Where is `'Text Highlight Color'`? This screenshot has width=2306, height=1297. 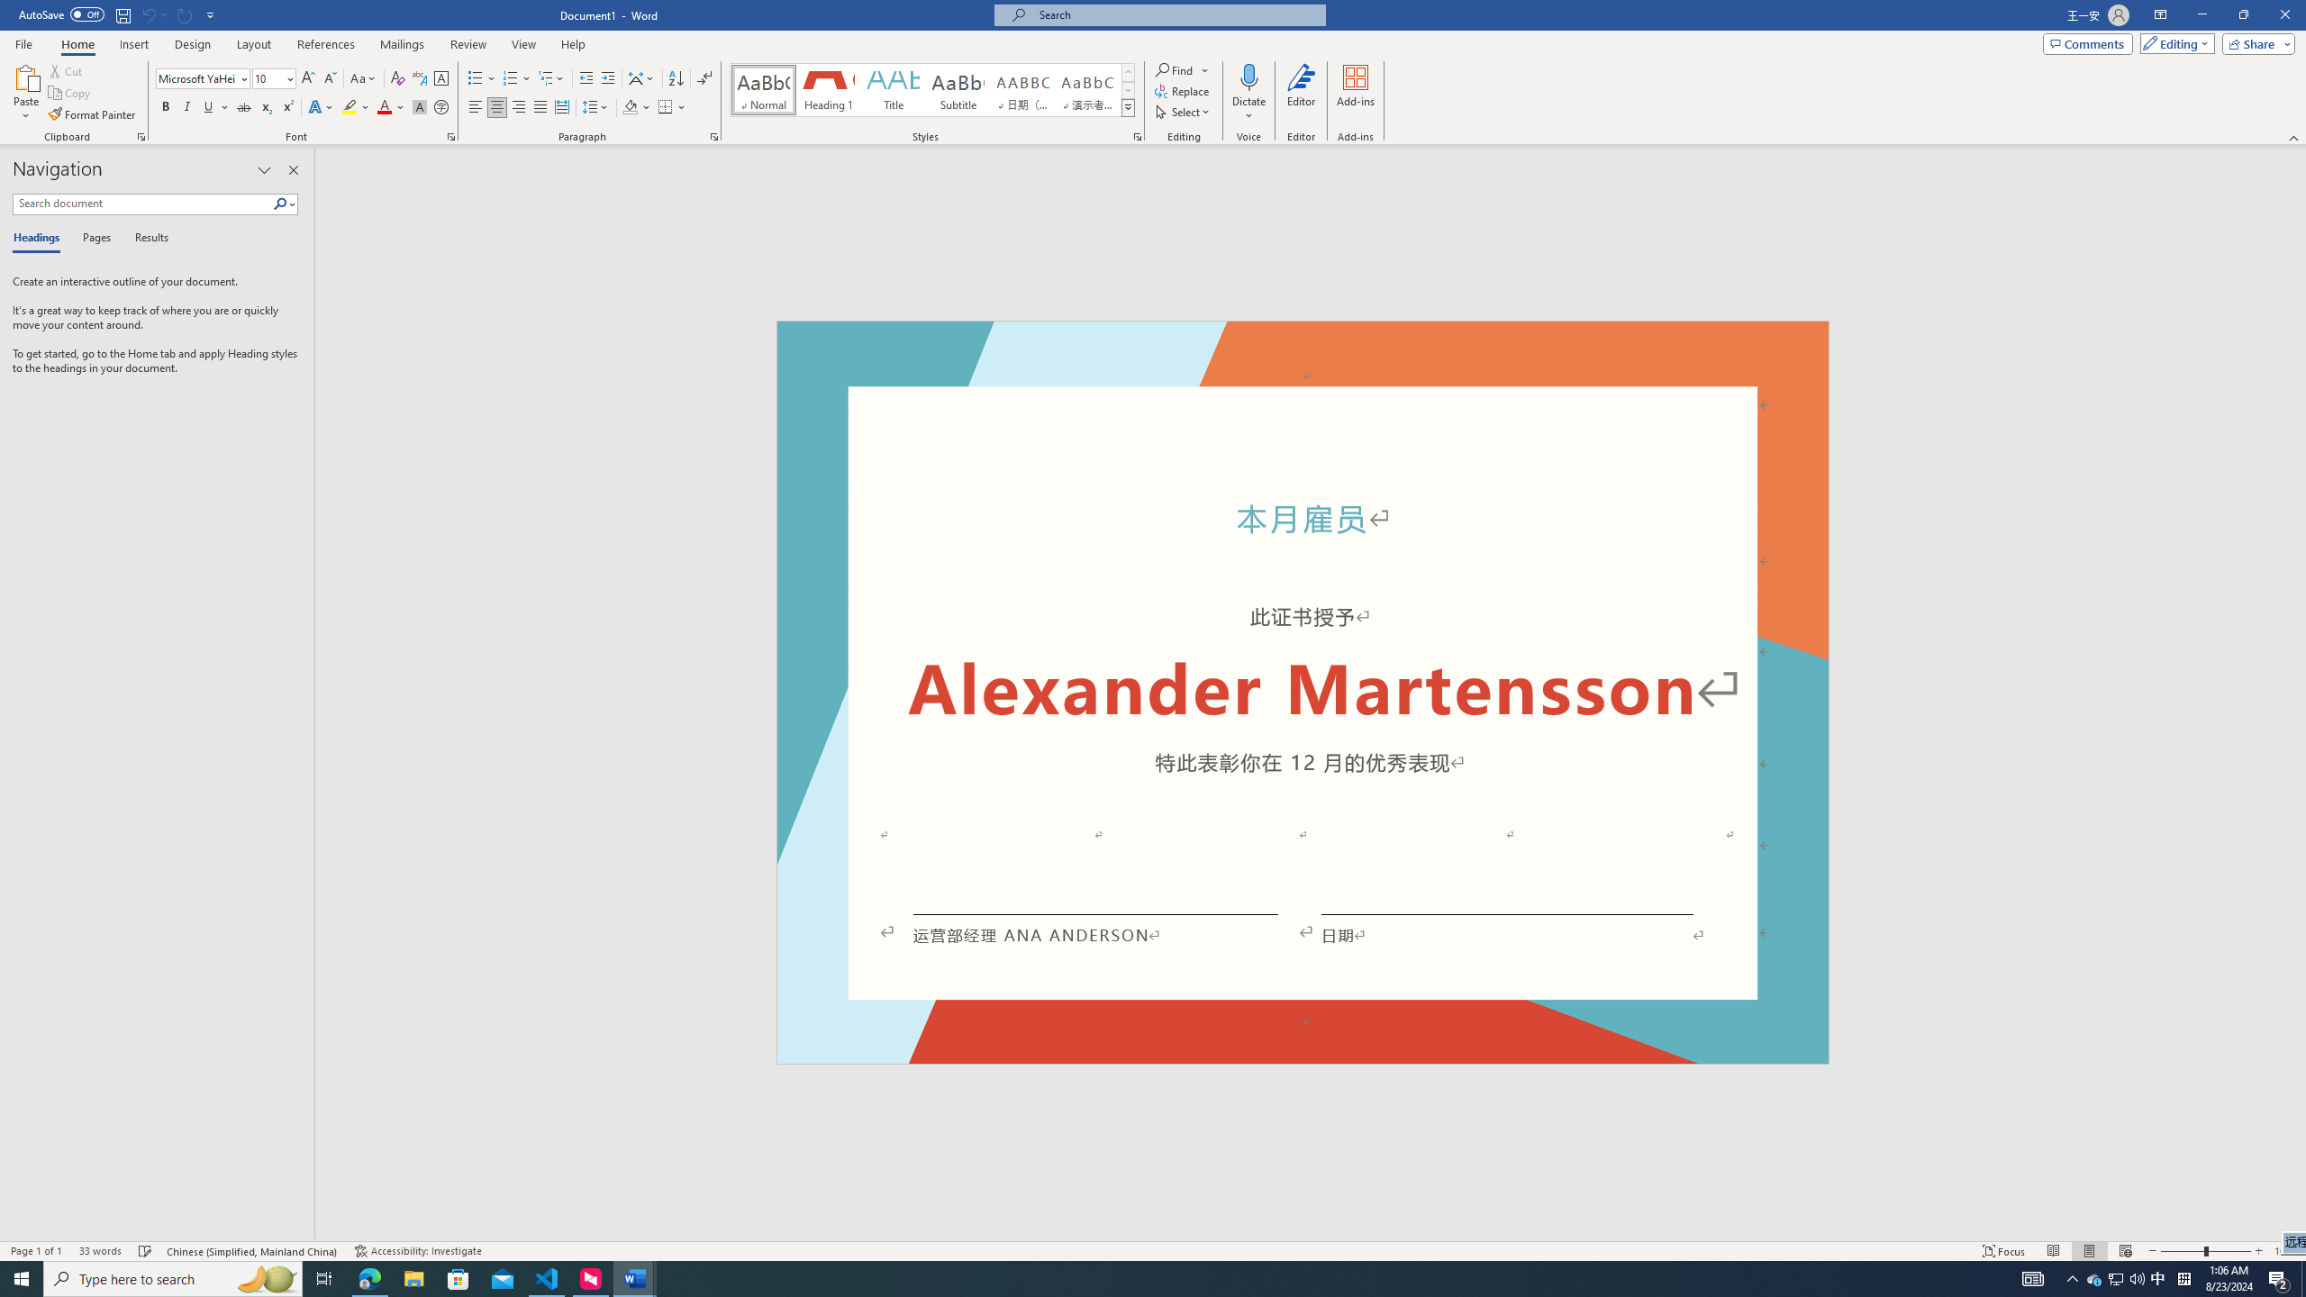
'Text Highlight Color' is located at coordinates (356, 106).